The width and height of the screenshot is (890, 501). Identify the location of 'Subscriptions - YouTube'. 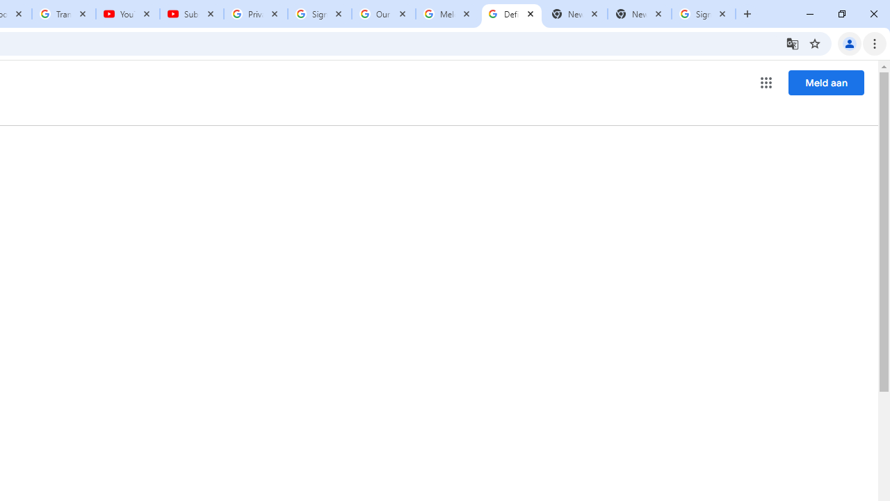
(191, 14).